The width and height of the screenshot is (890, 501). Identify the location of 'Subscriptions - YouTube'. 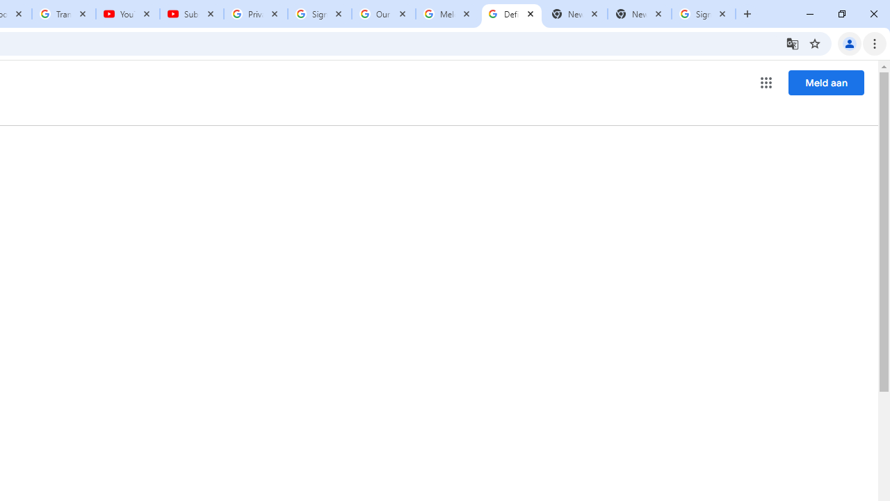
(191, 14).